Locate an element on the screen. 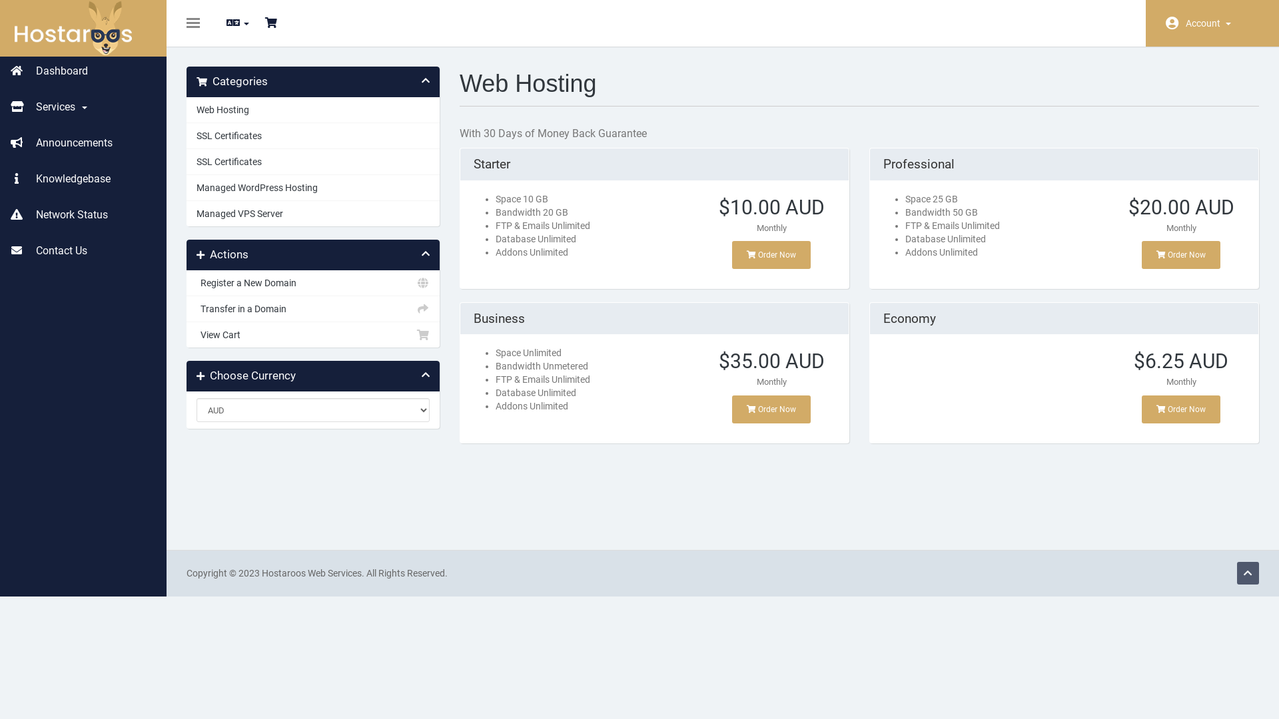 The image size is (1279, 719). 'Network Status' is located at coordinates (82, 214).